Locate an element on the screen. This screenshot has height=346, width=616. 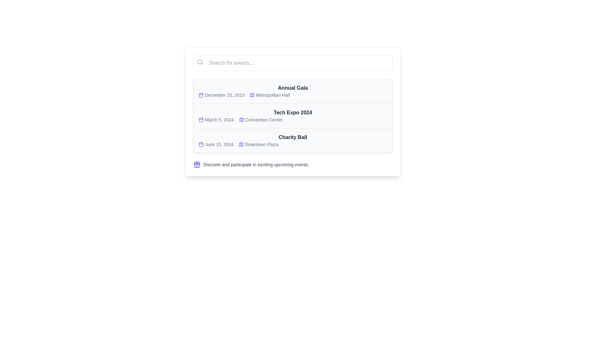
the icon that symbolizes the location or venue for the event, which is positioned directly to the left of the 'Convention Center' label in a vertical list structure is located at coordinates (241, 120).